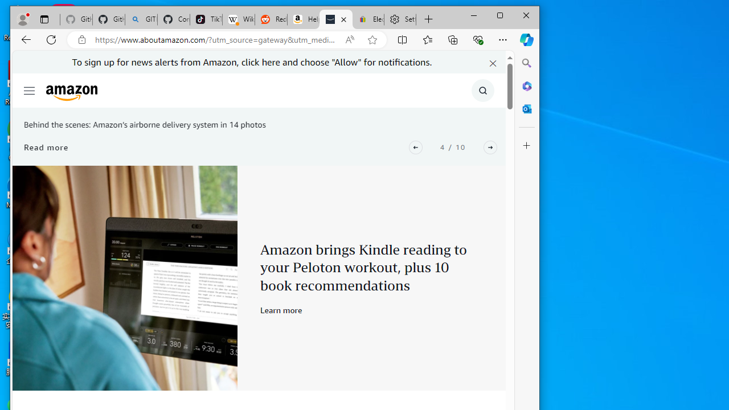  I want to click on 'Back', so click(26, 39).